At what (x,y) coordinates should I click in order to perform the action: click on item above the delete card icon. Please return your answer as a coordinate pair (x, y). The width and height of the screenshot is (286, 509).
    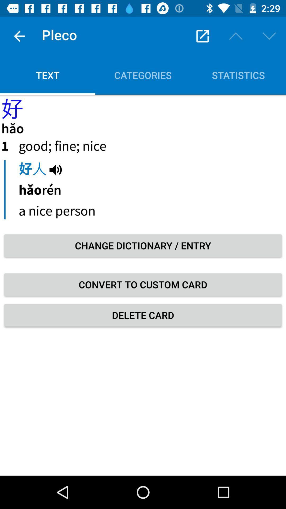
    Looking at the image, I should click on (143, 284).